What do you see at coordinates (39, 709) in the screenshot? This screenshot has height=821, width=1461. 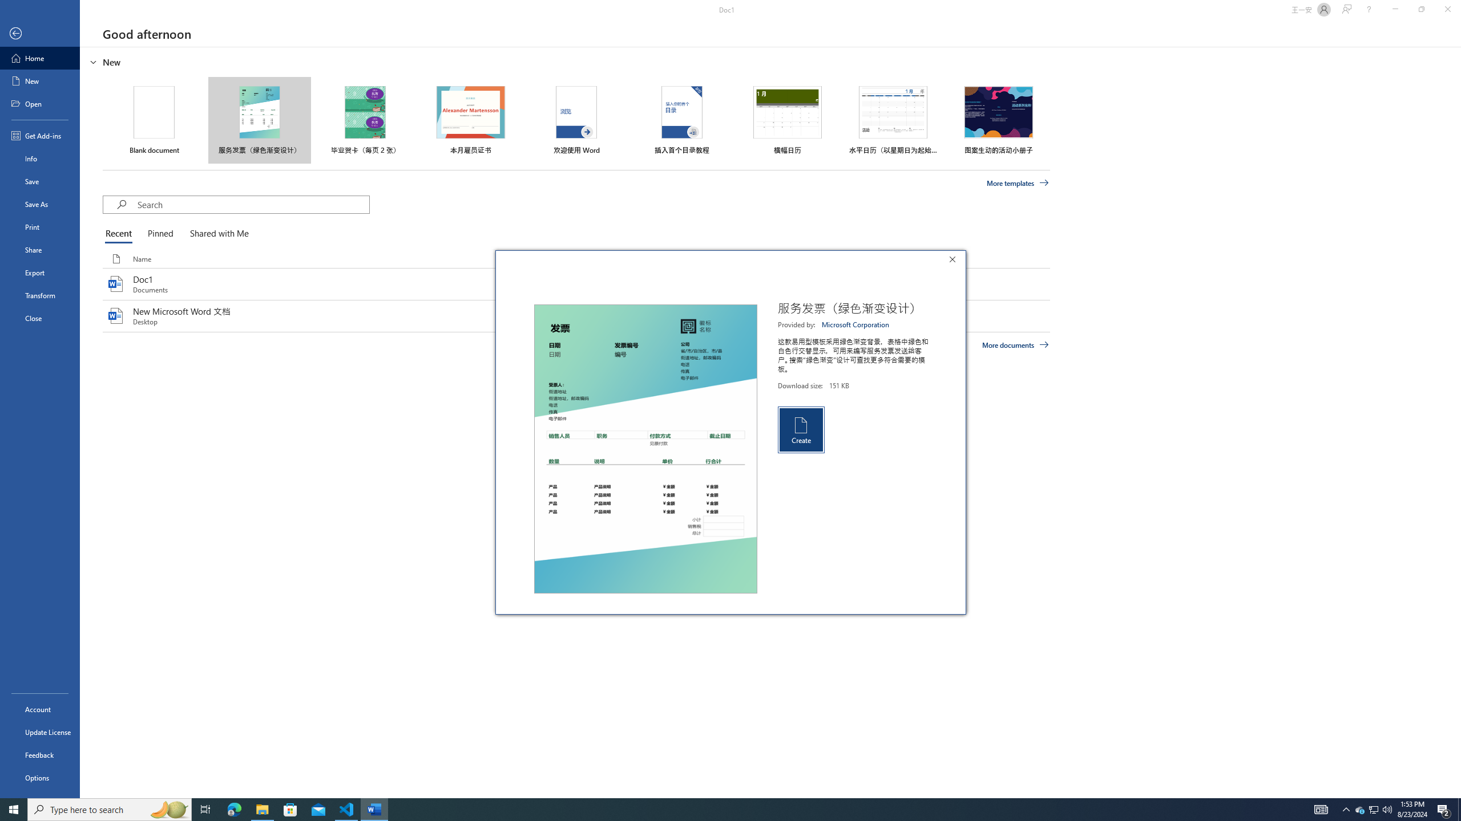 I see `'Account'` at bounding box center [39, 709].